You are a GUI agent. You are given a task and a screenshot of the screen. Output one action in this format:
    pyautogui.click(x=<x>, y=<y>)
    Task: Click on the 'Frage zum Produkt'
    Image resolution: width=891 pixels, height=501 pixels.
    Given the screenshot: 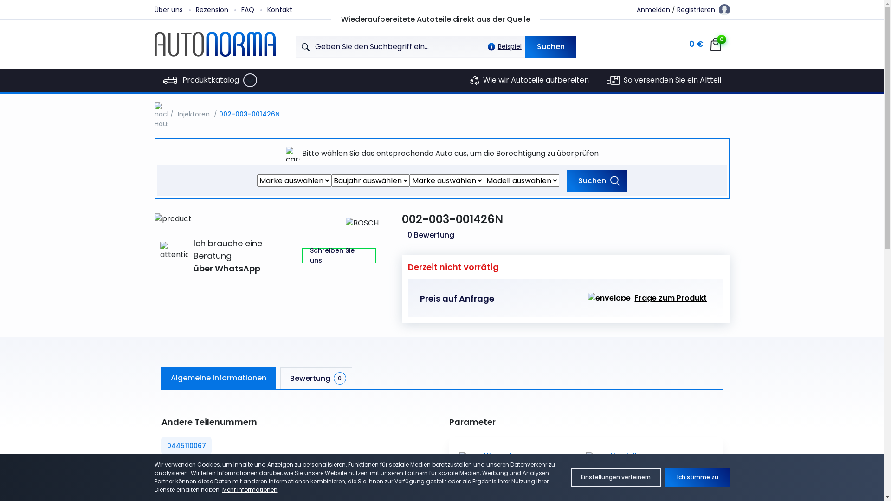 What is the action you would take?
    pyautogui.click(x=647, y=298)
    